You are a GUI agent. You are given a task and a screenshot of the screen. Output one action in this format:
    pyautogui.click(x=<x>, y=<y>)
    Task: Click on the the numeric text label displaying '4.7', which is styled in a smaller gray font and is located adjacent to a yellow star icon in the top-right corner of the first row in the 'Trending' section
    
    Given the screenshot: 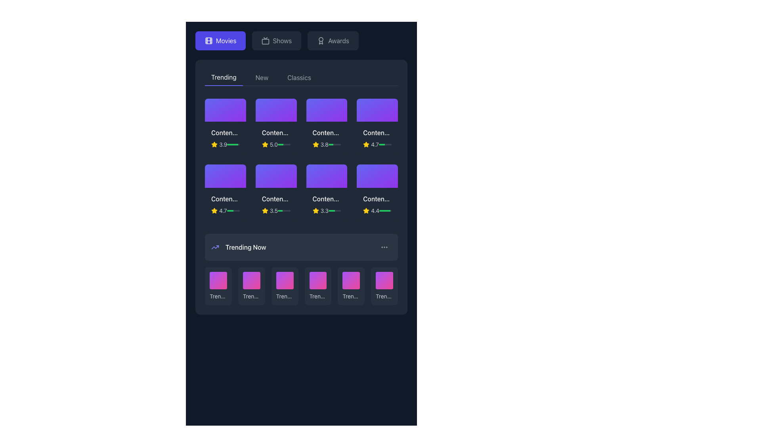 What is the action you would take?
    pyautogui.click(x=375, y=145)
    